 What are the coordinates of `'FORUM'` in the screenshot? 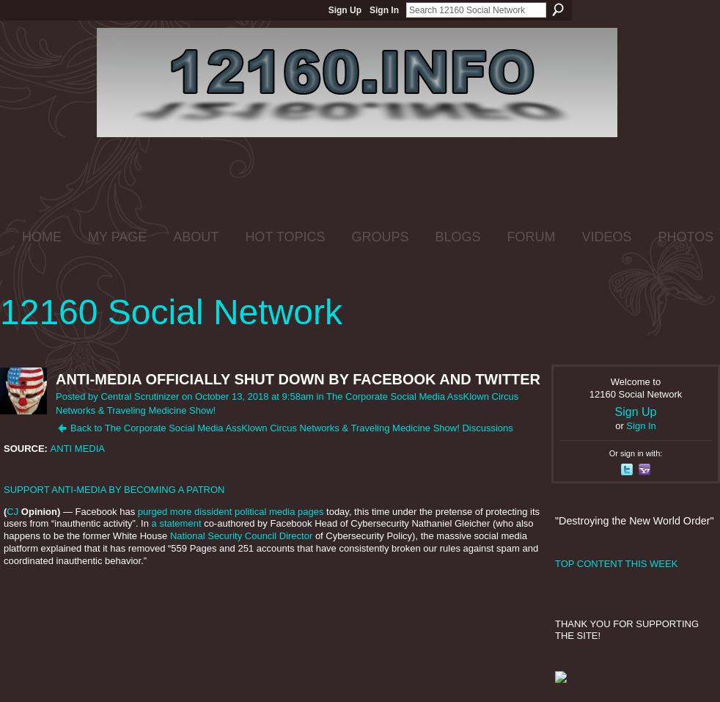 It's located at (530, 236).